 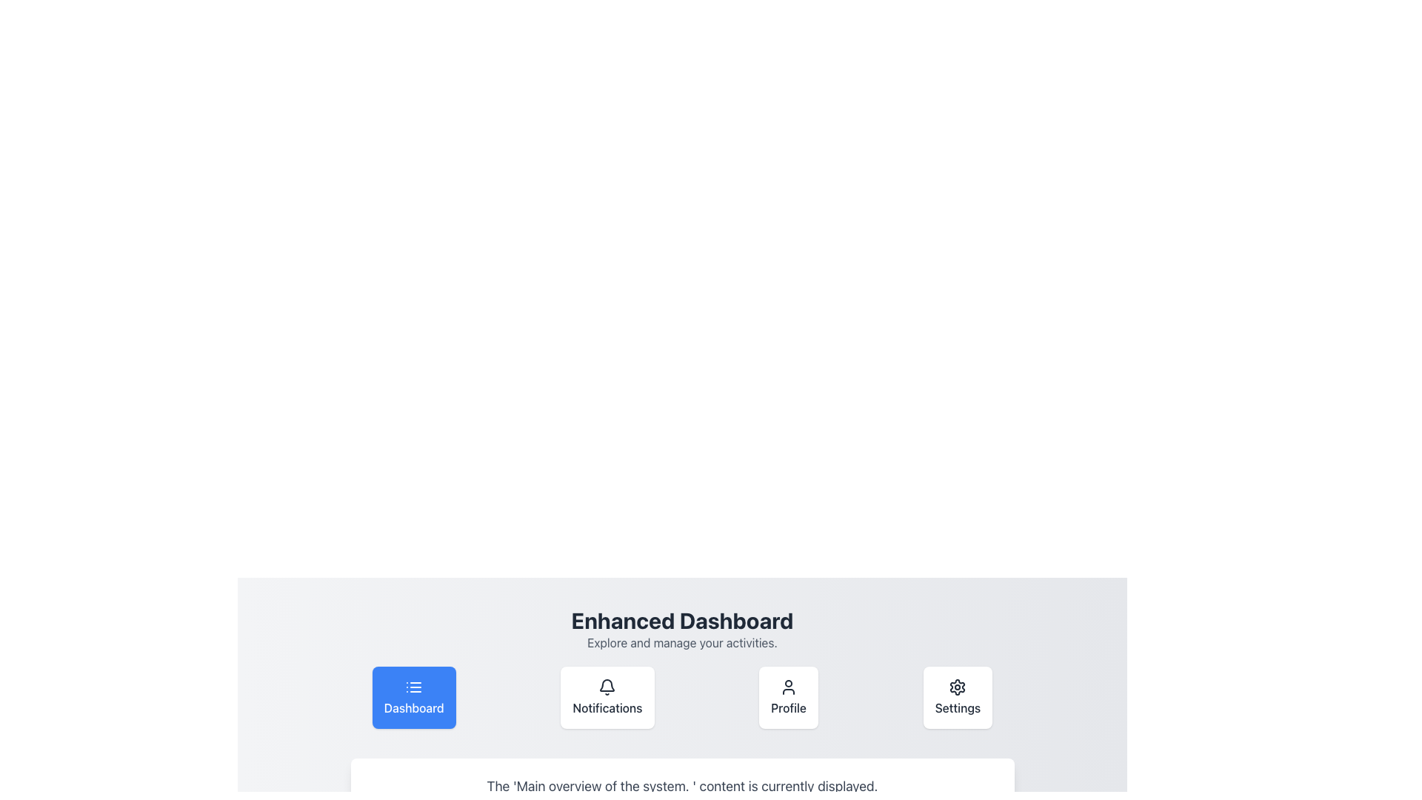 I want to click on the centrally aligned text element that displays the current content or status overview, located beneath the navigation sections (Notifications, Profile, Settings), so click(x=681, y=785).